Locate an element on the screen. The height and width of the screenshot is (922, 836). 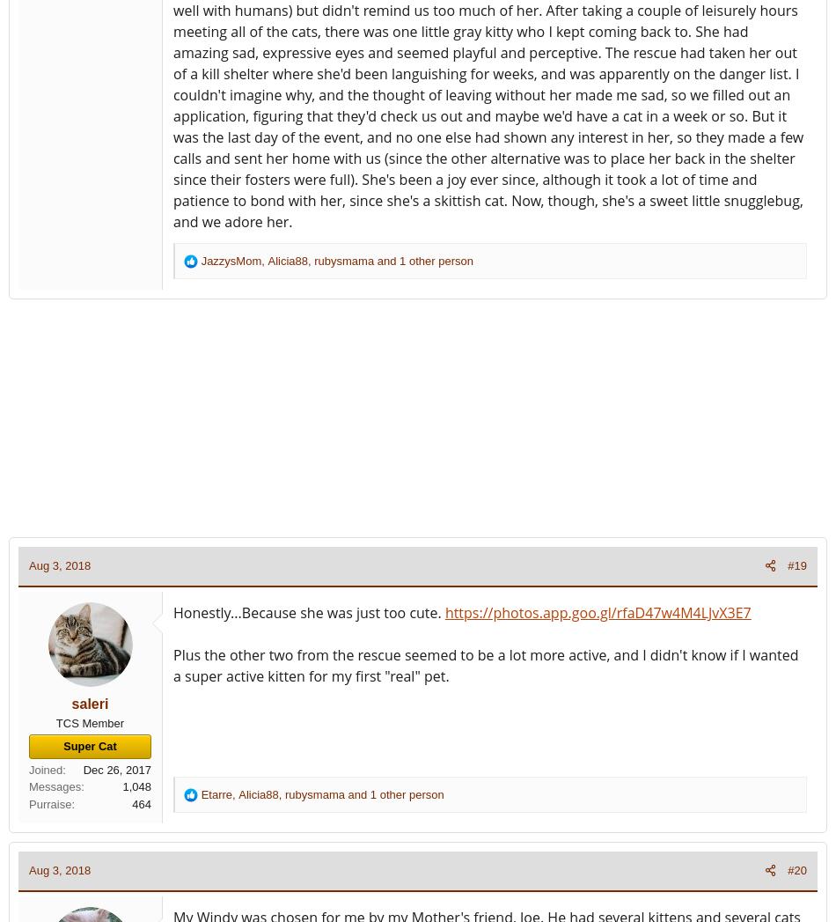
'TCS Member' is located at coordinates (90, 722).